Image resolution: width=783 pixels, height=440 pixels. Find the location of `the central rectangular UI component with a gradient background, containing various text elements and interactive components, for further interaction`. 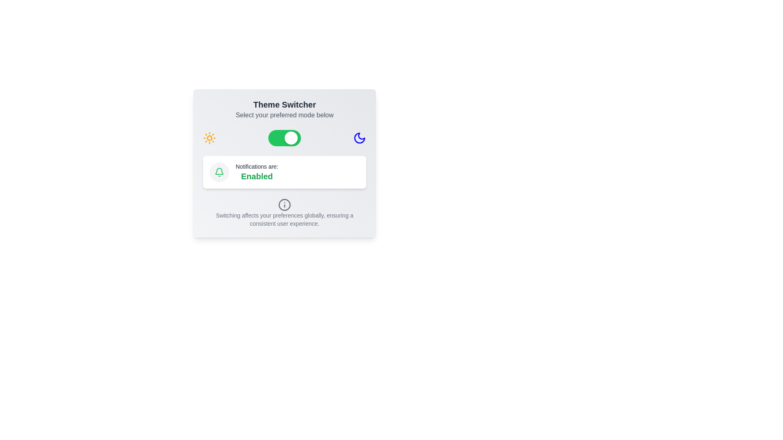

the central rectangular UI component with a gradient background, containing various text elements and interactive components, for further interaction is located at coordinates (284, 163).